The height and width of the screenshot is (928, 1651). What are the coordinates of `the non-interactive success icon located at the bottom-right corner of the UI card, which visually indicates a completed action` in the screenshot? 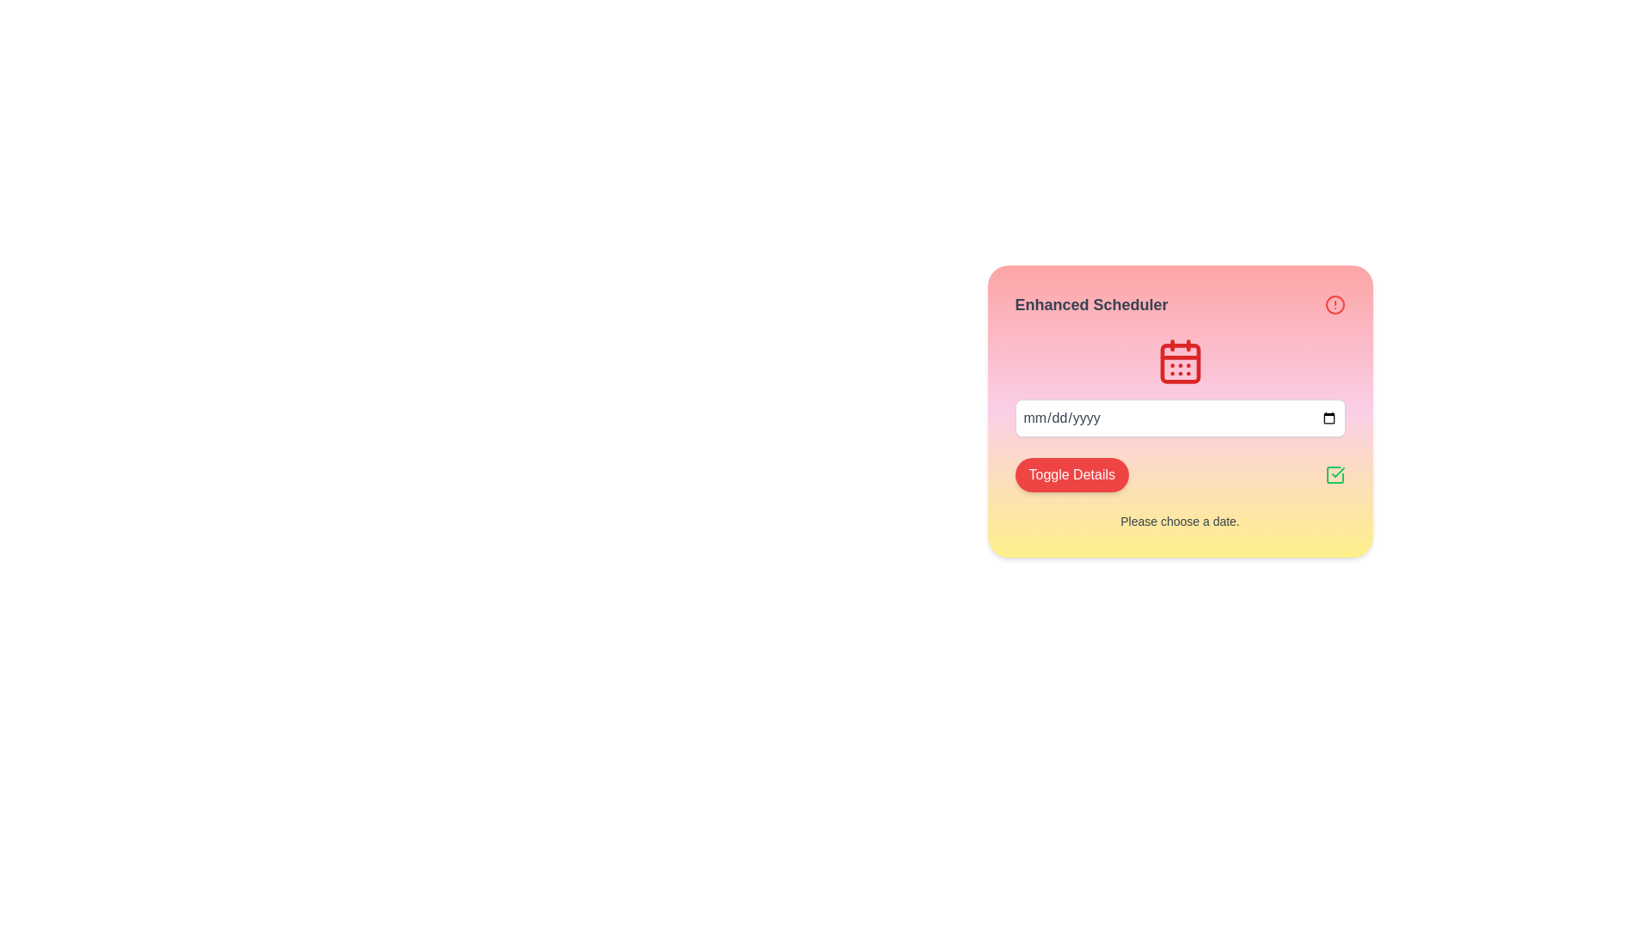 It's located at (1334, 474).